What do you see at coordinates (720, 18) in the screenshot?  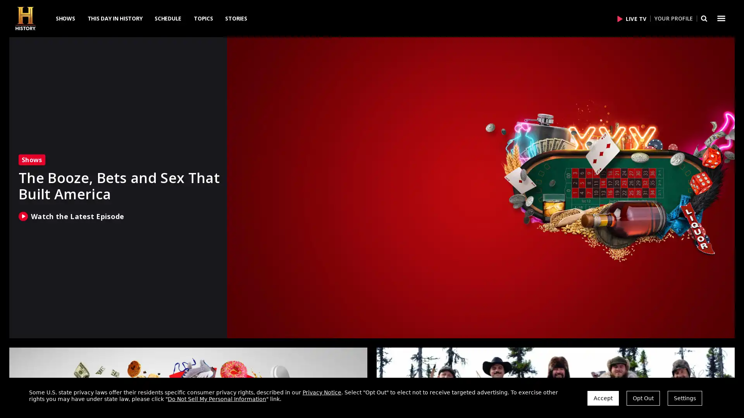 I see `Dropdown menu` at bounding box center [720, 18].